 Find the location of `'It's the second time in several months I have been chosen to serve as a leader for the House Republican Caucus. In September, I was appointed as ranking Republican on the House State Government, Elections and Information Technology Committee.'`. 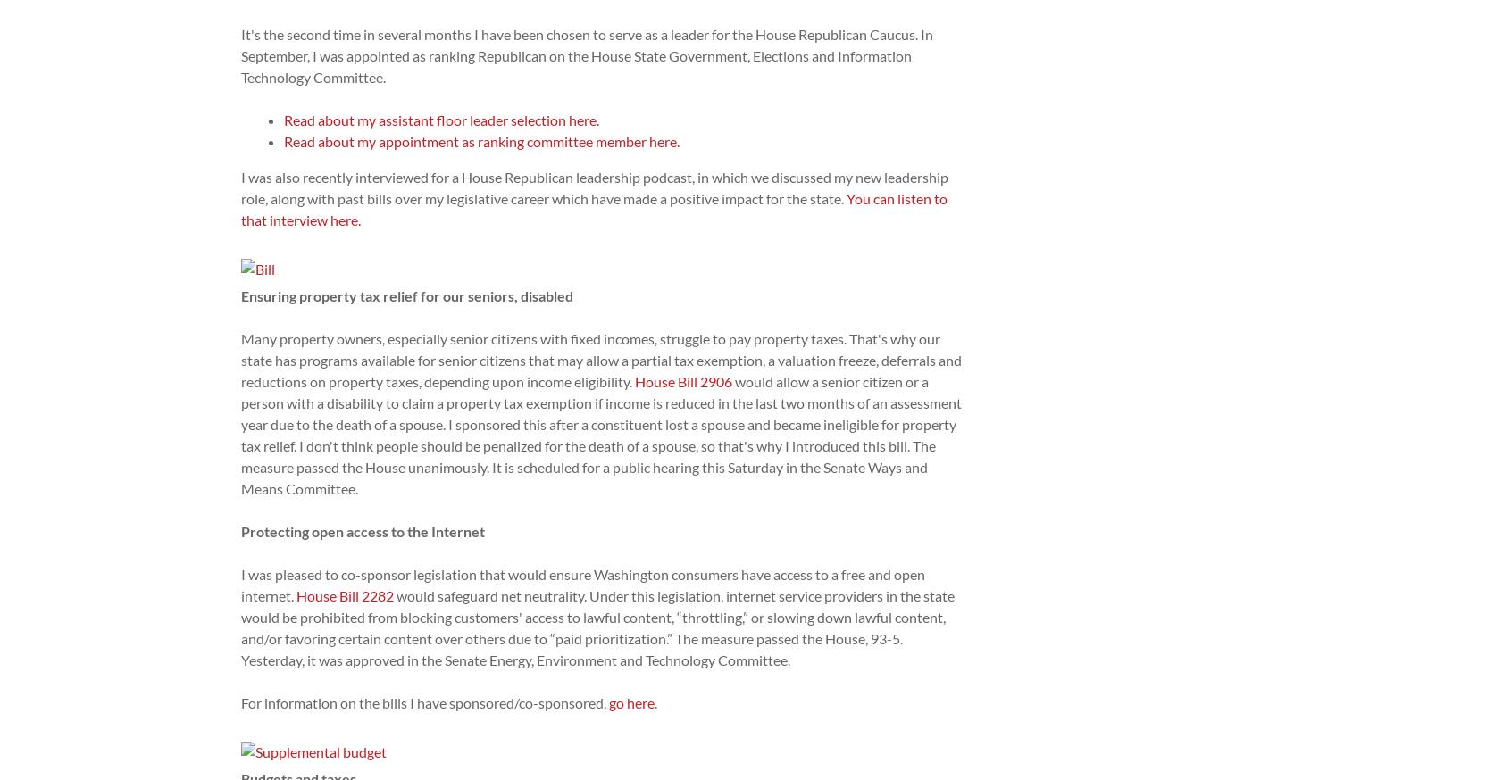

'It's the second time in several months I have been chosen to serve as a leader for the House Republican Caucus. In September, I was appointed as ranking Republican on the House State Government, Elections and Information Technology Committee.' is located at coordinates (587, 54).